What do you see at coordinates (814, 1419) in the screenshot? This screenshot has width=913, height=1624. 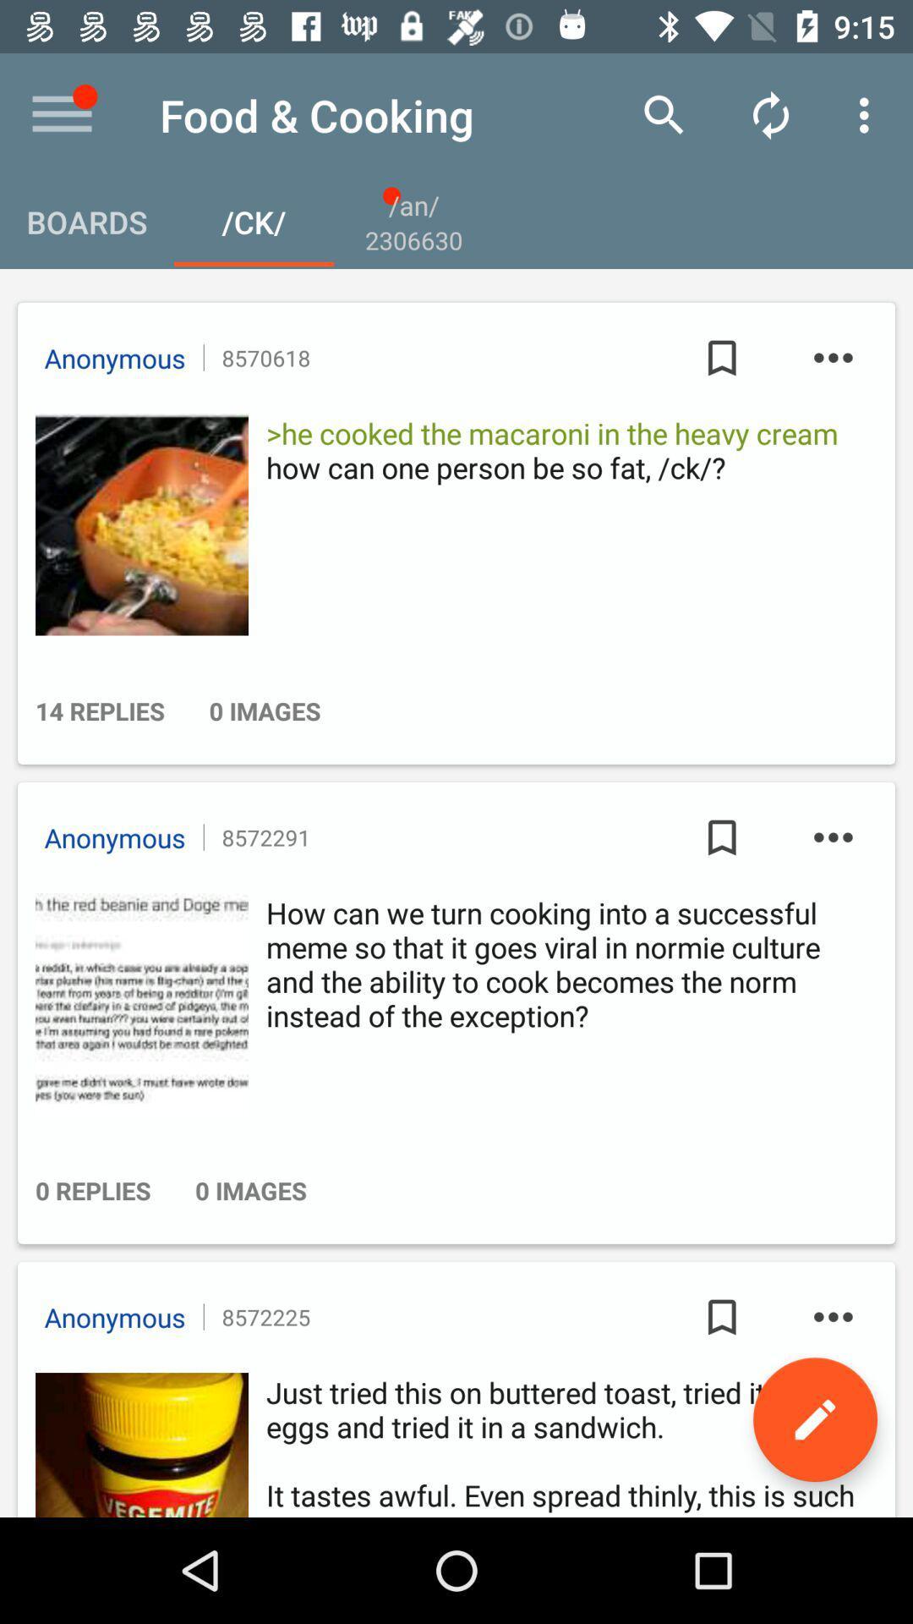 I see `edit` at bounding box center [814, 1419].